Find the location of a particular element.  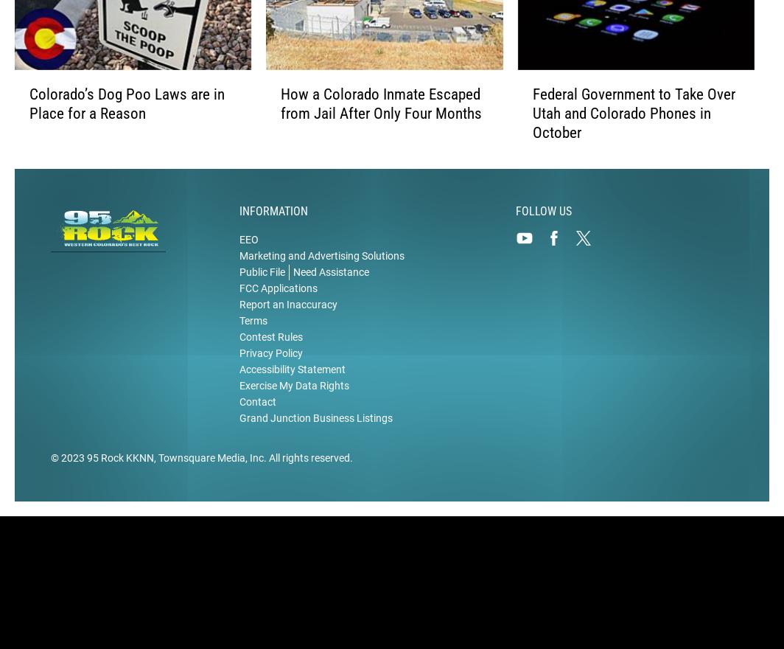

'Public File' is located at coordinates (262, 272).